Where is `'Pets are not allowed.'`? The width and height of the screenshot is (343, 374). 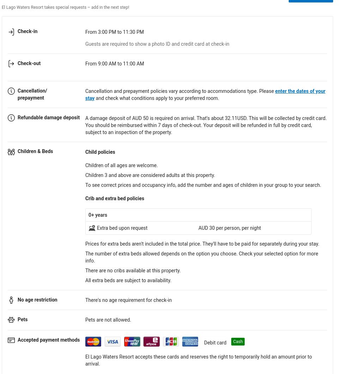 'Pets are not allowed.' is located at coordinates (108, 319).